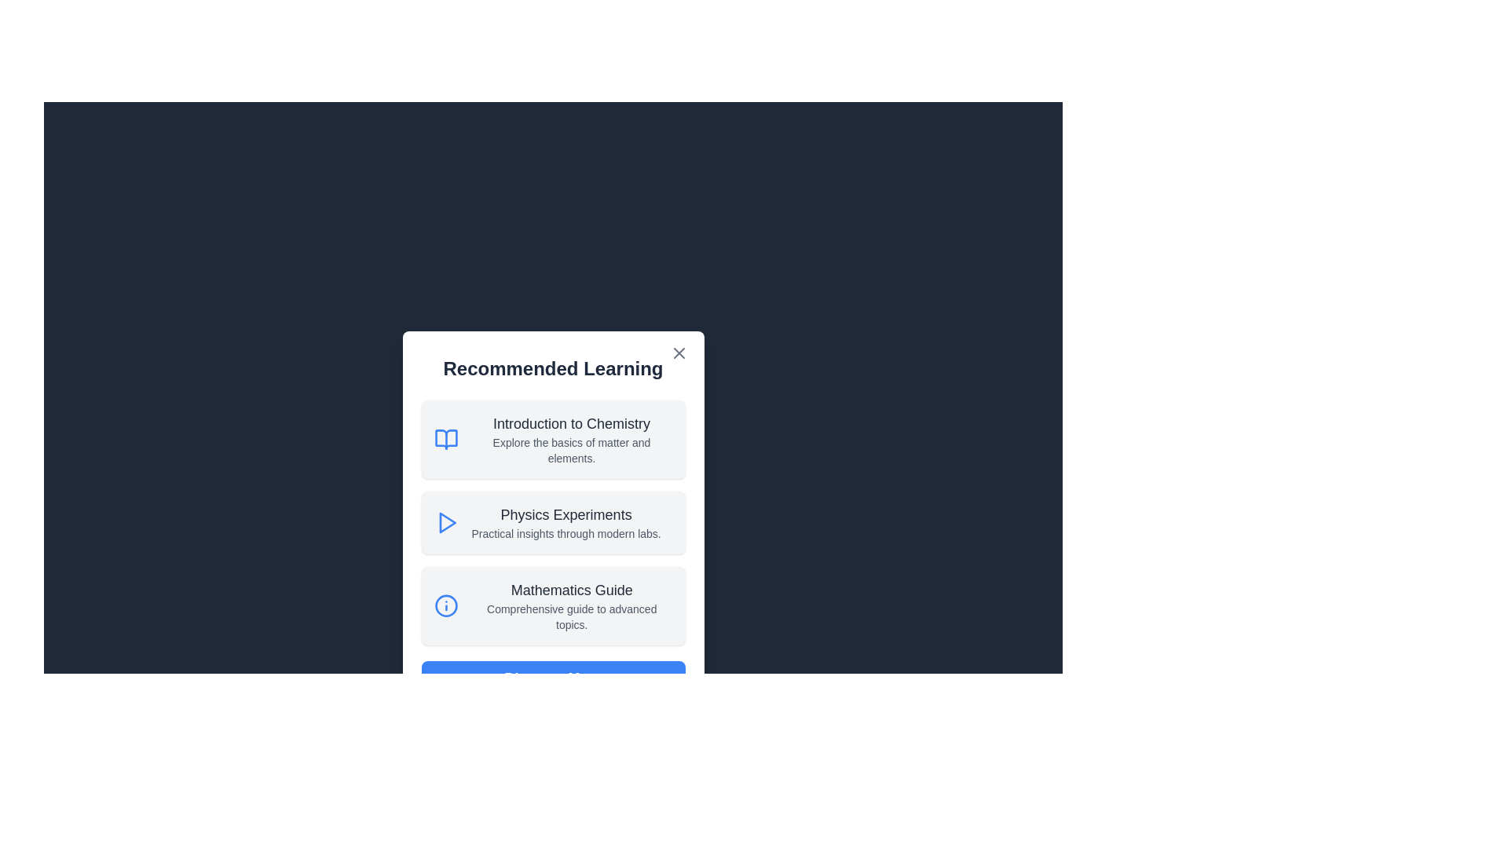 The height and width of the screenshot is (848, 1508). What do you see at coordinates (571, 439) in the screenshot?
I see `the Text block element that provides the title and description of a learning resource, located at the top of the 'Recommended Learning' list` at bounding box center [571, 439].